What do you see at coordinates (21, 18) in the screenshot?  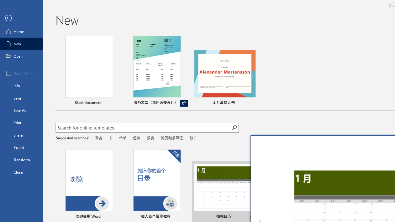 I see `'Back'` at bounding box center [21, 18].